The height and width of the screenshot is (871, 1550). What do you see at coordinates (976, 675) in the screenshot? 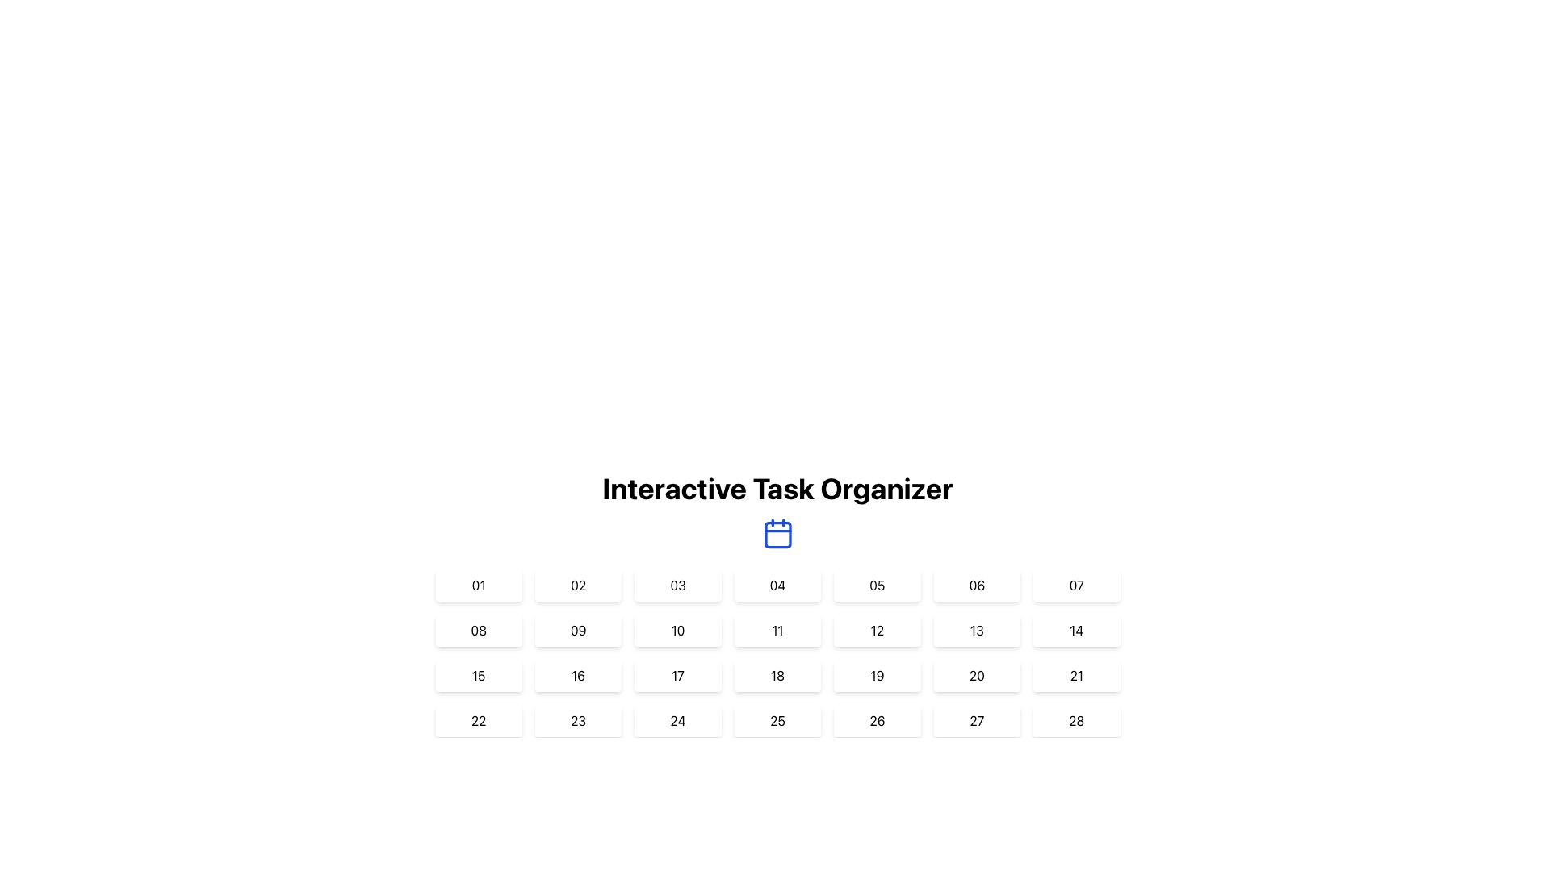
I see `the rectangular button displaying the number '20'` at bounding box center [976, 675].